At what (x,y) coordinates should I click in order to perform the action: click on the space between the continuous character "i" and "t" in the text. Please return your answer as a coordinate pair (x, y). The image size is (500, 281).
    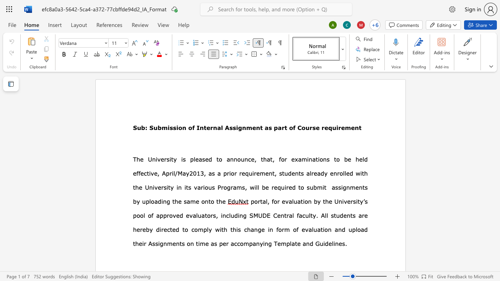
    Looking at the image, I should click on (221, 229).